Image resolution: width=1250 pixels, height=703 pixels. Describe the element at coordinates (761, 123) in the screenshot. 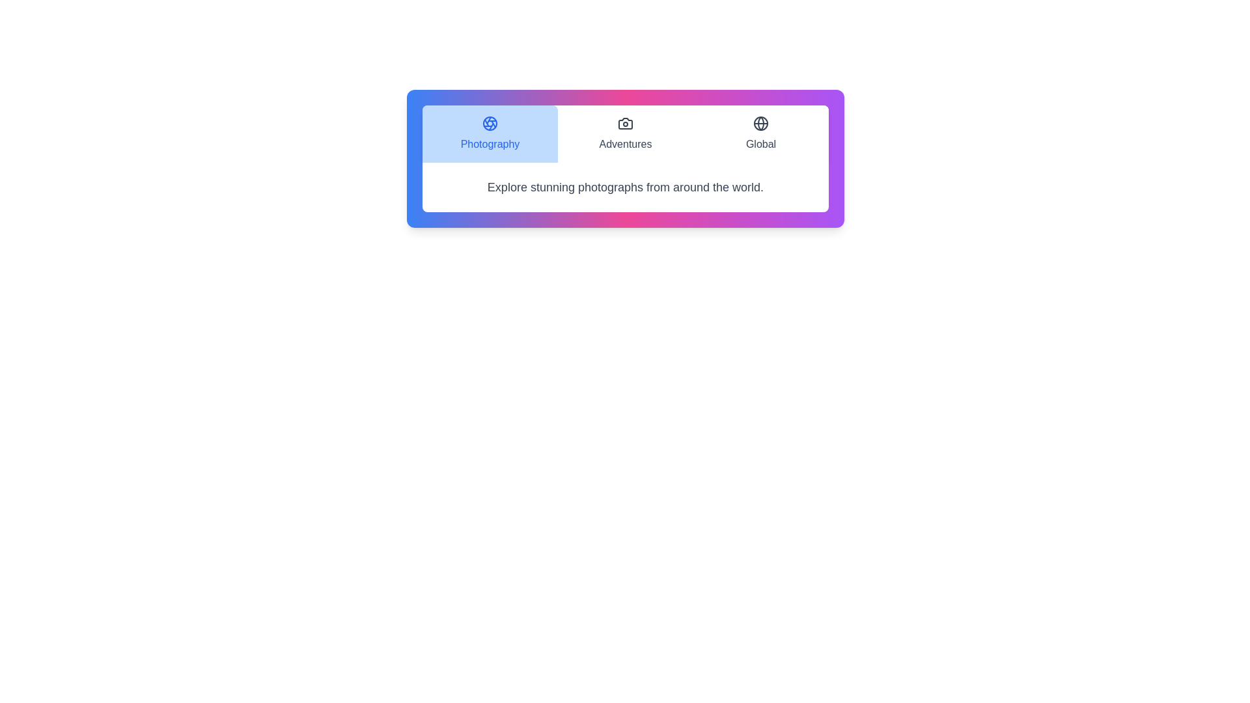

I see `circular SVG element resembling a globe symbol, which is the leftmost icon in a set of three aligned icons` at that location.